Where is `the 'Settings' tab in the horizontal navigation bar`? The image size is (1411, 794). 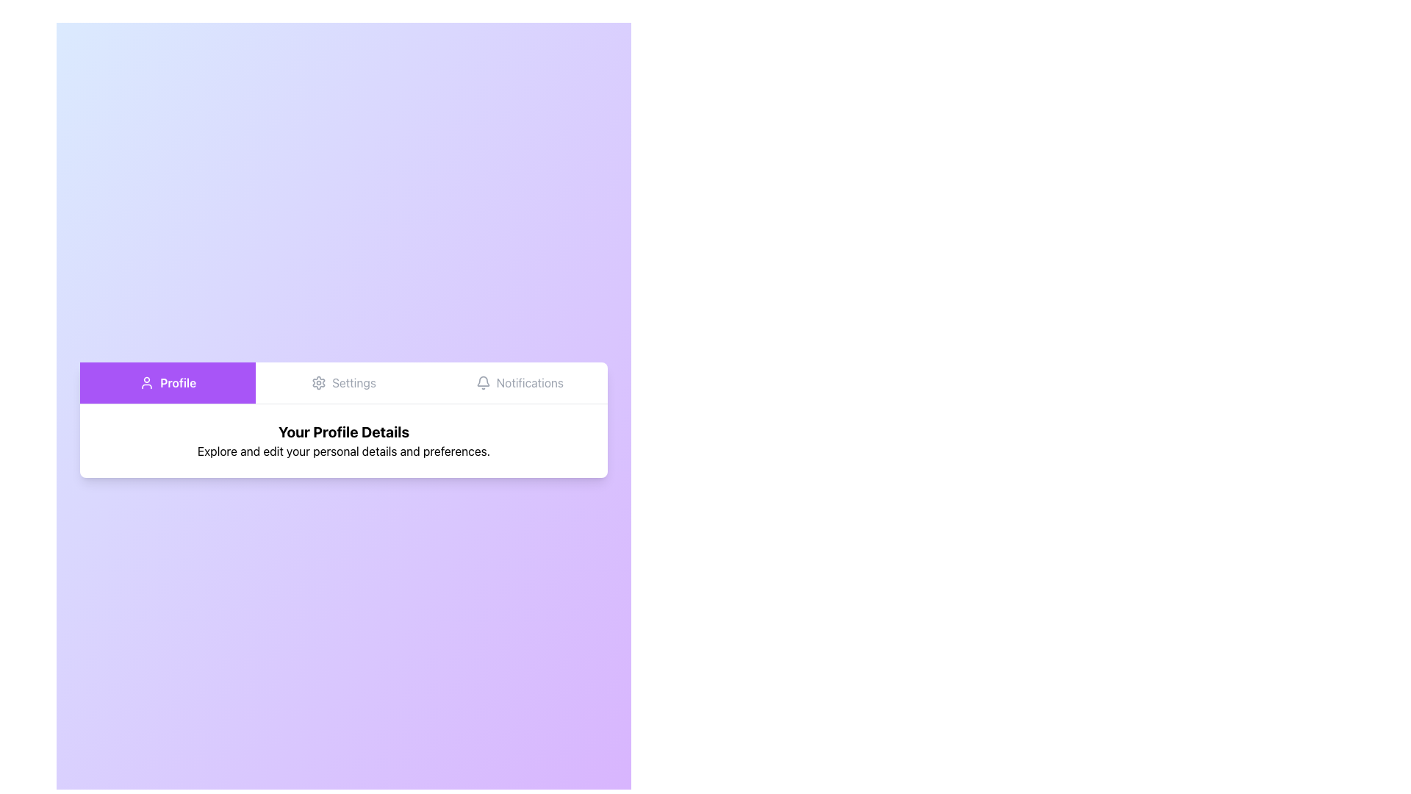 the 'Settings' tab in the horizontal navigation bar is located at coordinates (342, 382).